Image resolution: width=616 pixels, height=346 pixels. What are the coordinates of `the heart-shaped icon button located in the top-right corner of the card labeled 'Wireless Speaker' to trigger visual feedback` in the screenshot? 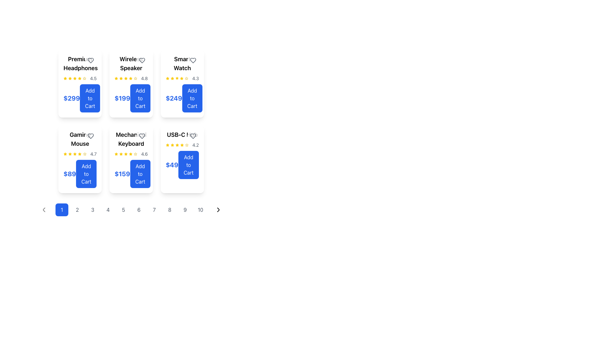 It's located at (141, 61).